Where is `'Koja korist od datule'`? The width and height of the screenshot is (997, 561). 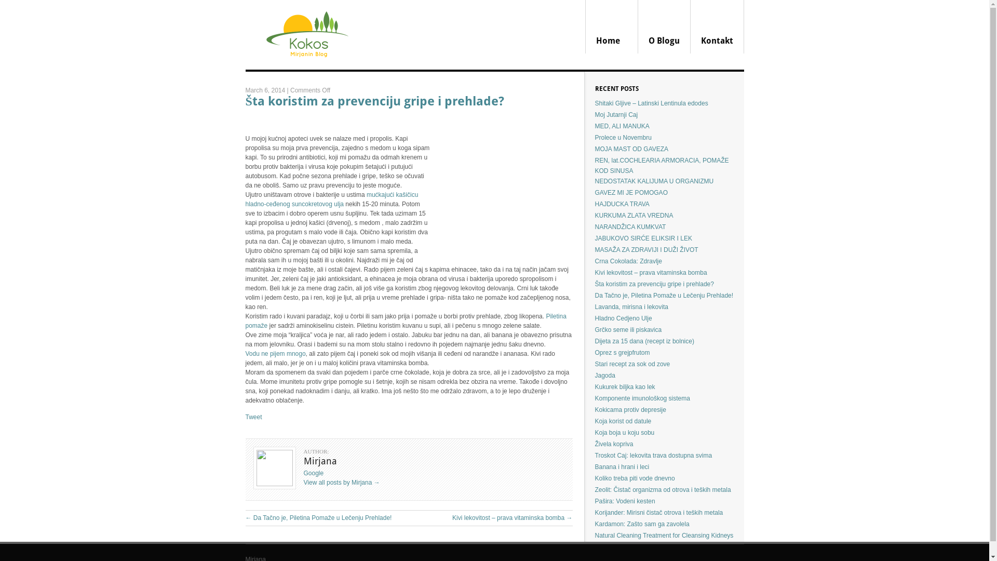
'Koja korist od datule' is located at coordinates (623, 421).